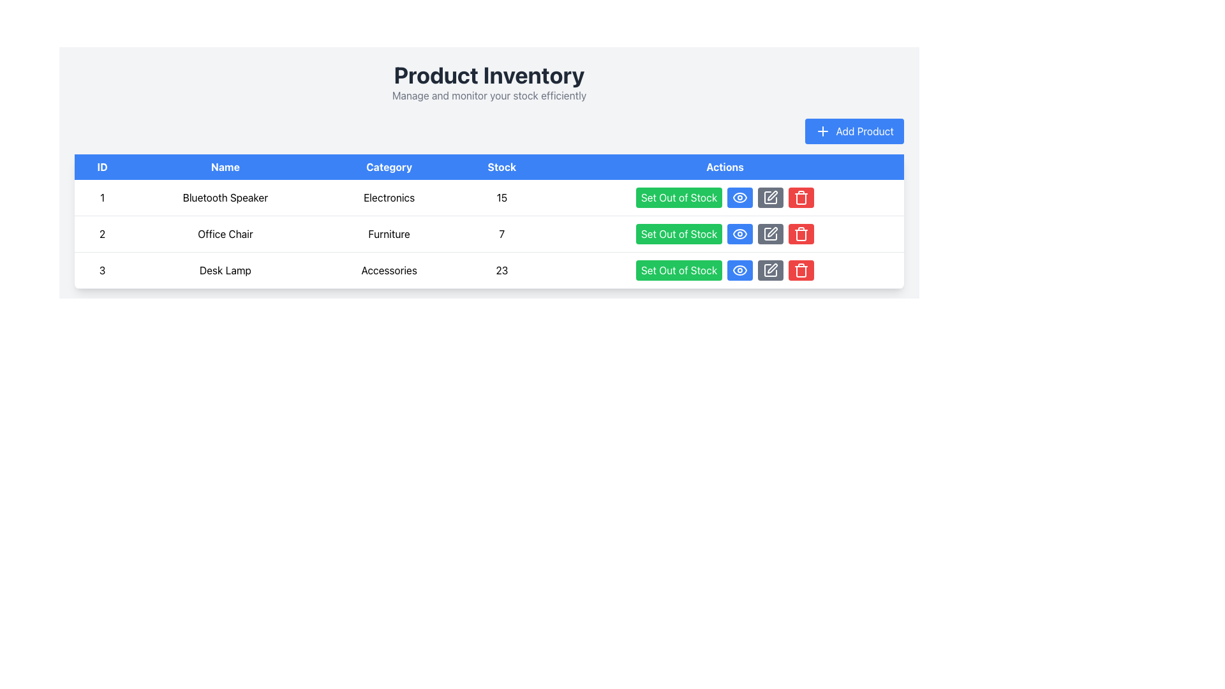 The image size is (1225, 689). What do you see at coordinates (102, 167) in the screenshot?
I see `the 'ID' label, which is styled with a blue background and white text, located in the upper left corner of the table as the first item in a list of column headers` at bounding box center [102, 167].